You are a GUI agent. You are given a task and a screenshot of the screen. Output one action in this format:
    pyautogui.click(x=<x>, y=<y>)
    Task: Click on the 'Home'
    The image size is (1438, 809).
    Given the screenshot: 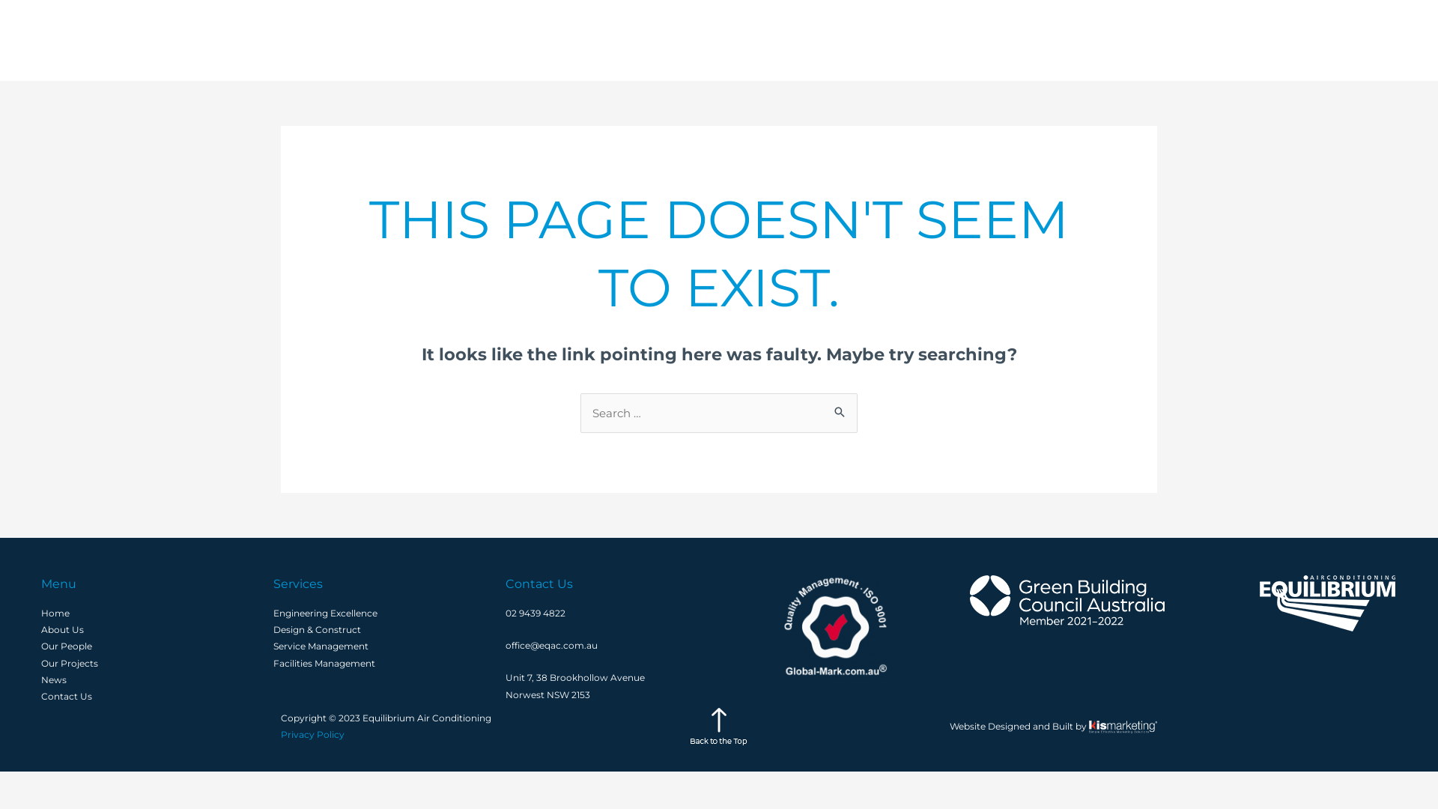 What is the action you would take?
    pyautogui.click(x=876, y=40)
    